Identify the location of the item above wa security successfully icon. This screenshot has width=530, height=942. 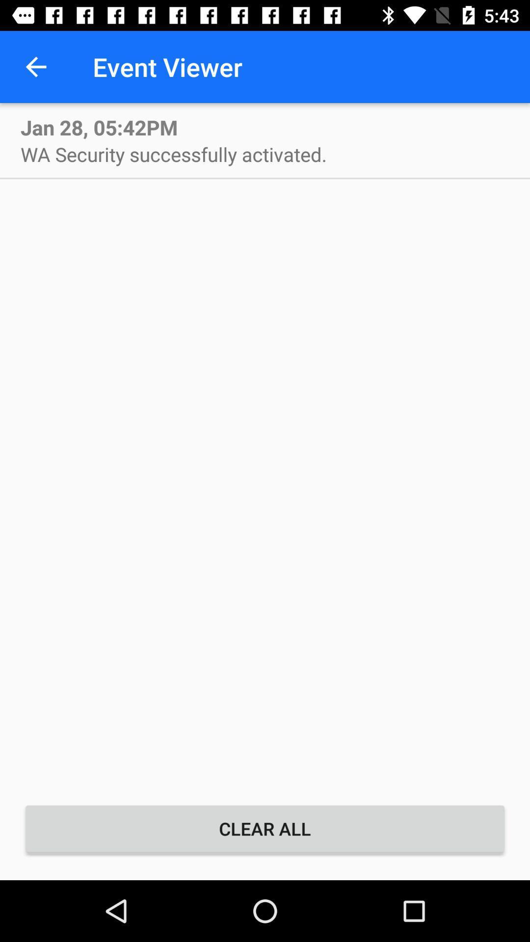
(99, 127).